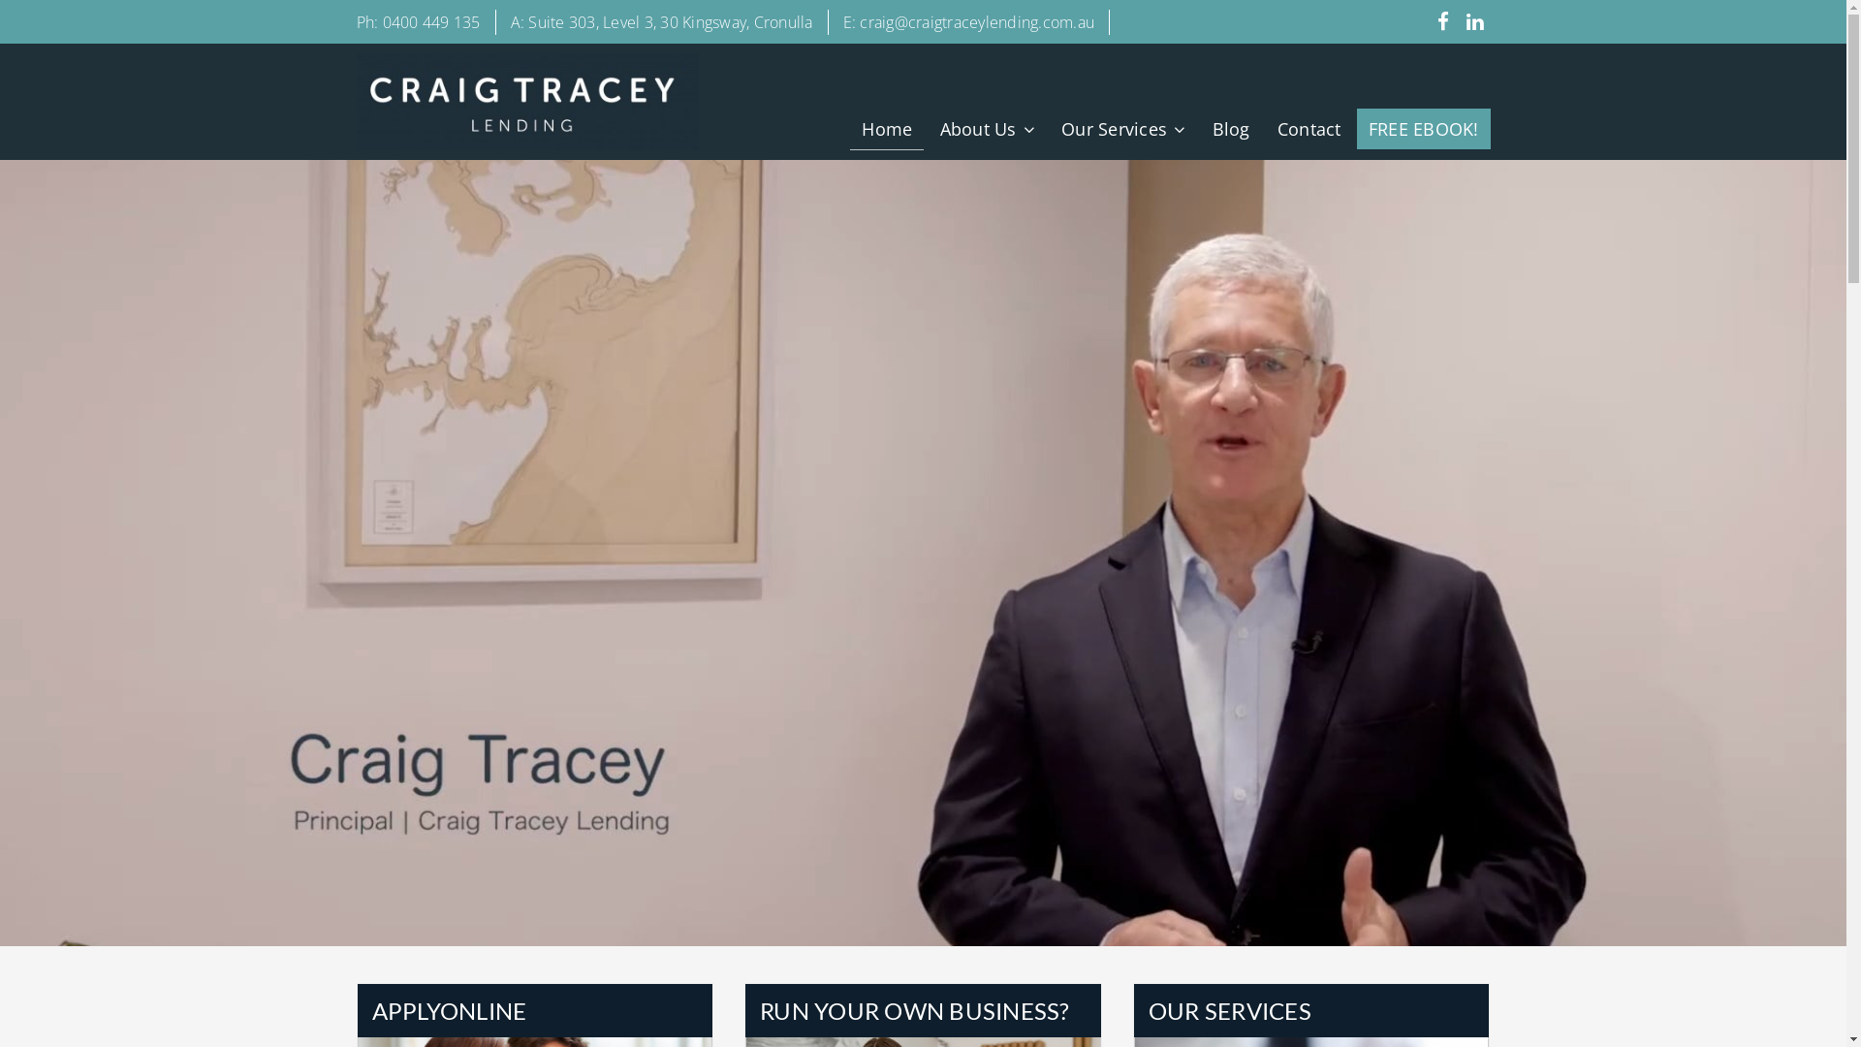 The image size is (1861, 1047). I want to click on 'Ph: 0400 449 135', so click(418, 22).